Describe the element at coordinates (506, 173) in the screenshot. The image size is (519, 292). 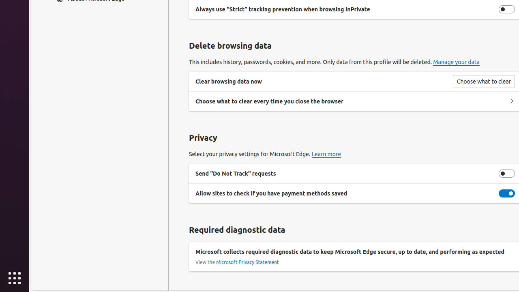
I see `'Send "Do Not Track" requests'` at that location.